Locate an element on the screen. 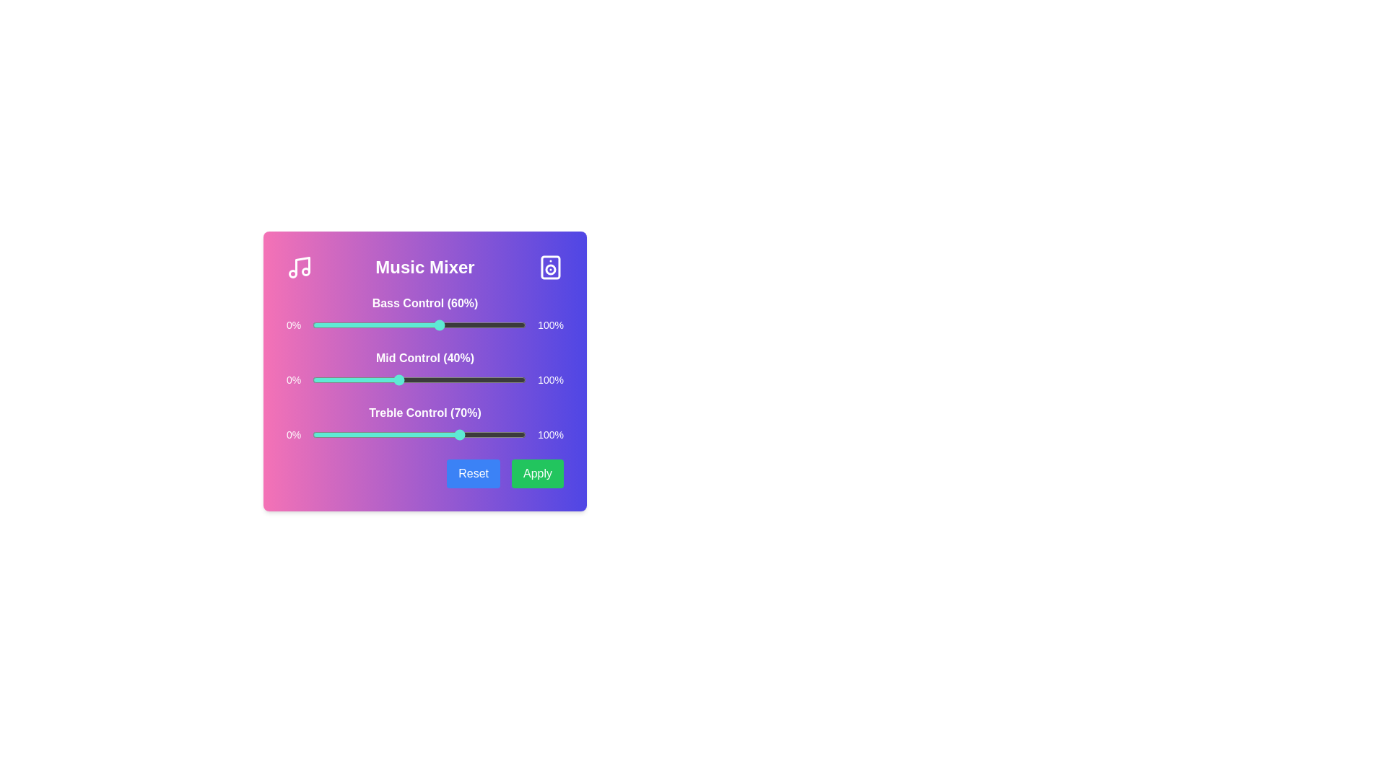 Image resolution: width=1386 pixels, height=779 pixels. the speaker icon in the header of the music mixer panel is located at coordinates (550, 267).